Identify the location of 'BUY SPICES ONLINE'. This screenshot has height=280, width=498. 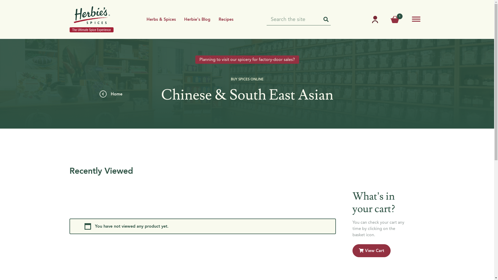
(247, 79).